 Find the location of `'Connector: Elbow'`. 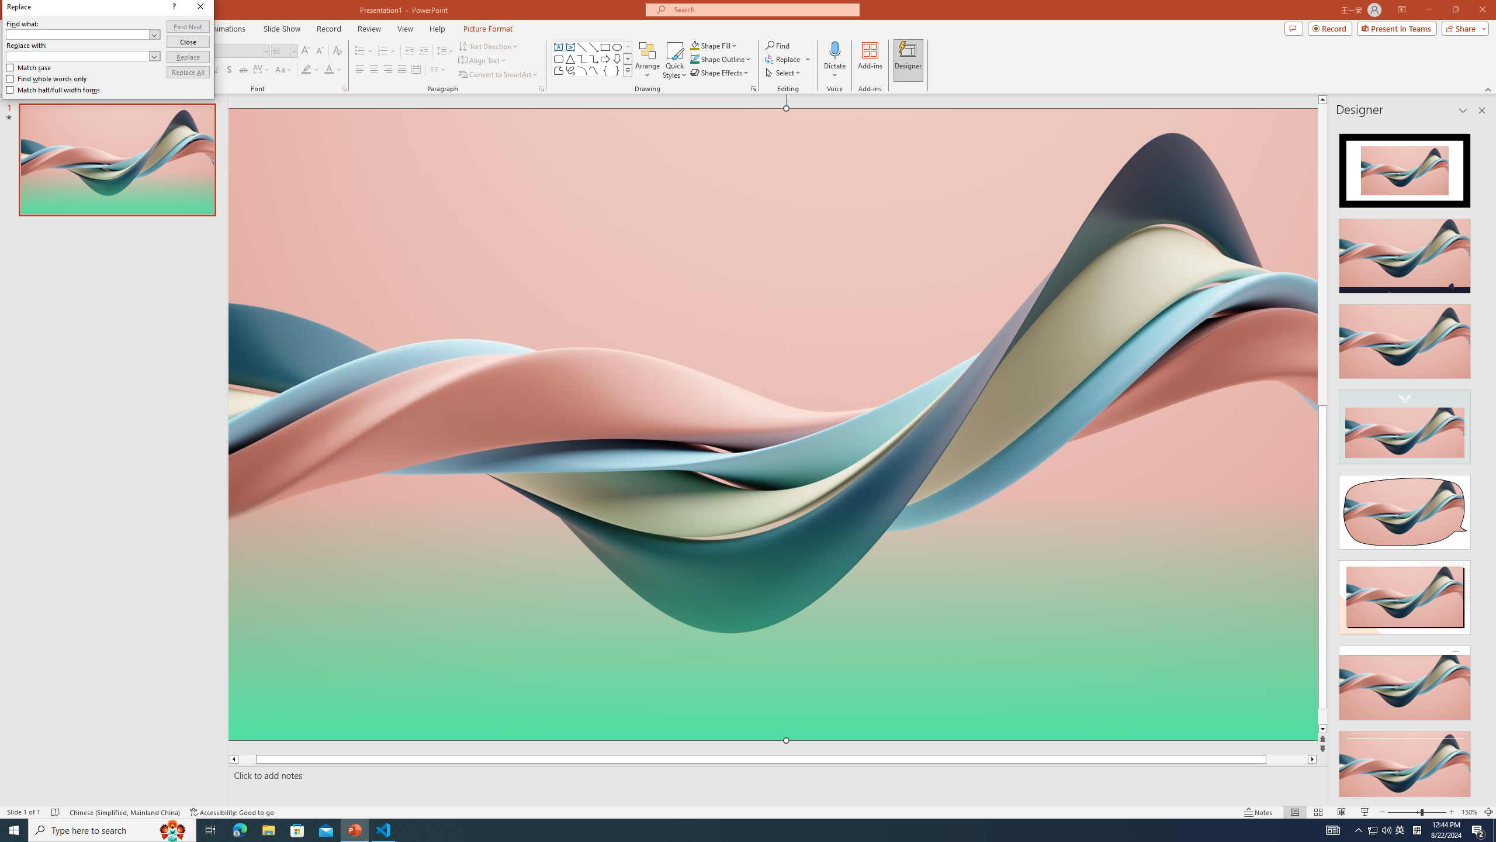

'Connector: Elbow' is located at coordinates (581, 58).